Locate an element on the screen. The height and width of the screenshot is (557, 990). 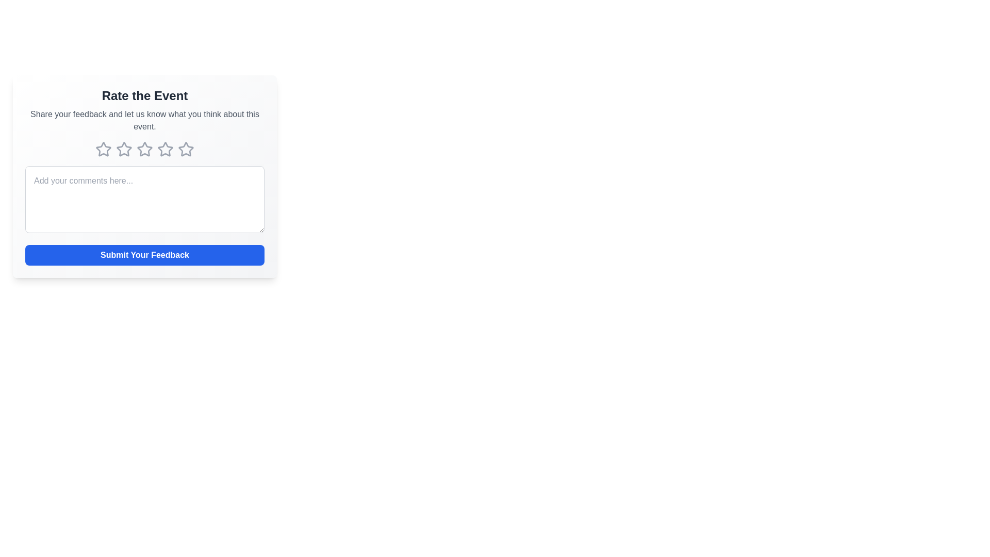
the first star-shaped rating icon with a gray outline is located at coordinates (104, 149).